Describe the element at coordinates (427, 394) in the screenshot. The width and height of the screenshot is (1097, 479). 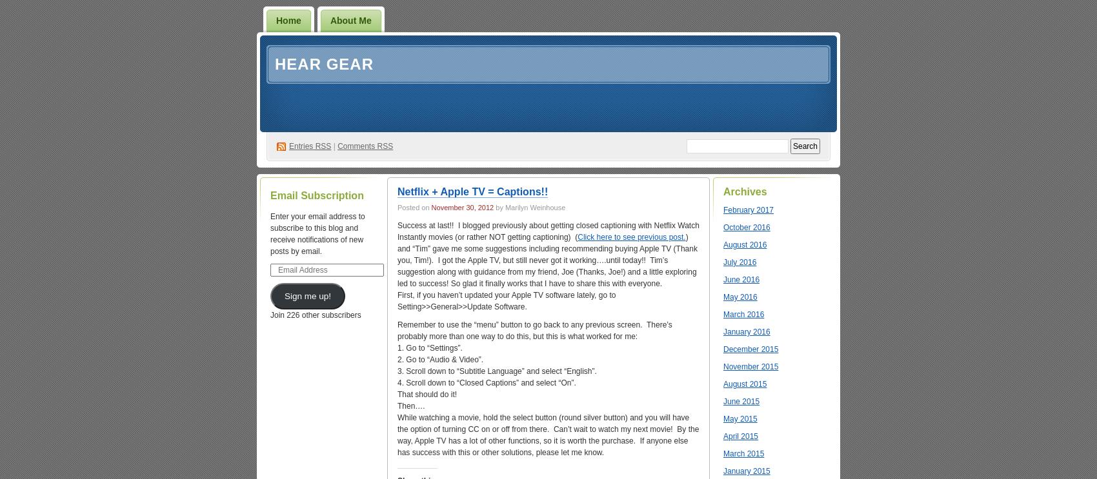
I see `'That should do it!'` at that location.